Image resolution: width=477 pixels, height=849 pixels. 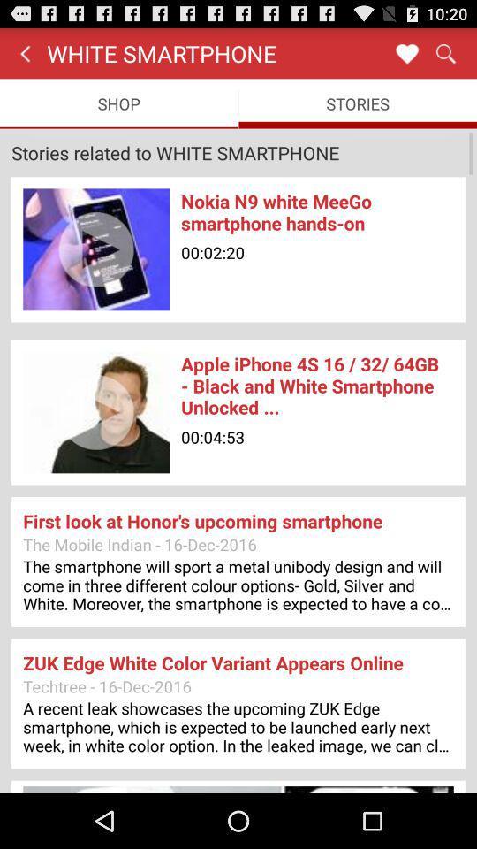 What do you see at coordinates (118, 103) in the screenshot?
I see `icon to the left of stories item` at bounding box center [118, 103].